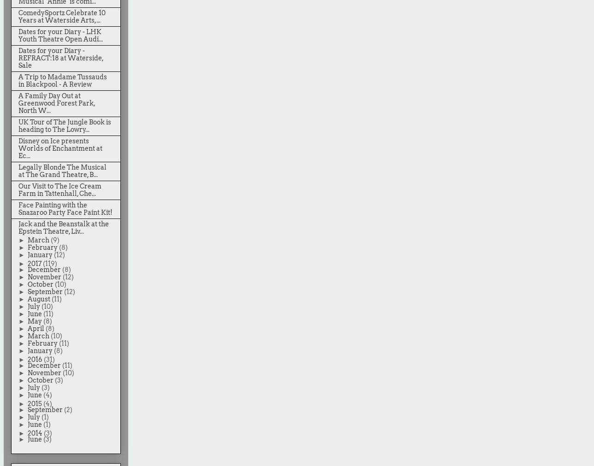 This screenshot has width=594, height=466. Describe the element at coordinates (43, 359) in the screenshot. I see `'(31)'` at that location.